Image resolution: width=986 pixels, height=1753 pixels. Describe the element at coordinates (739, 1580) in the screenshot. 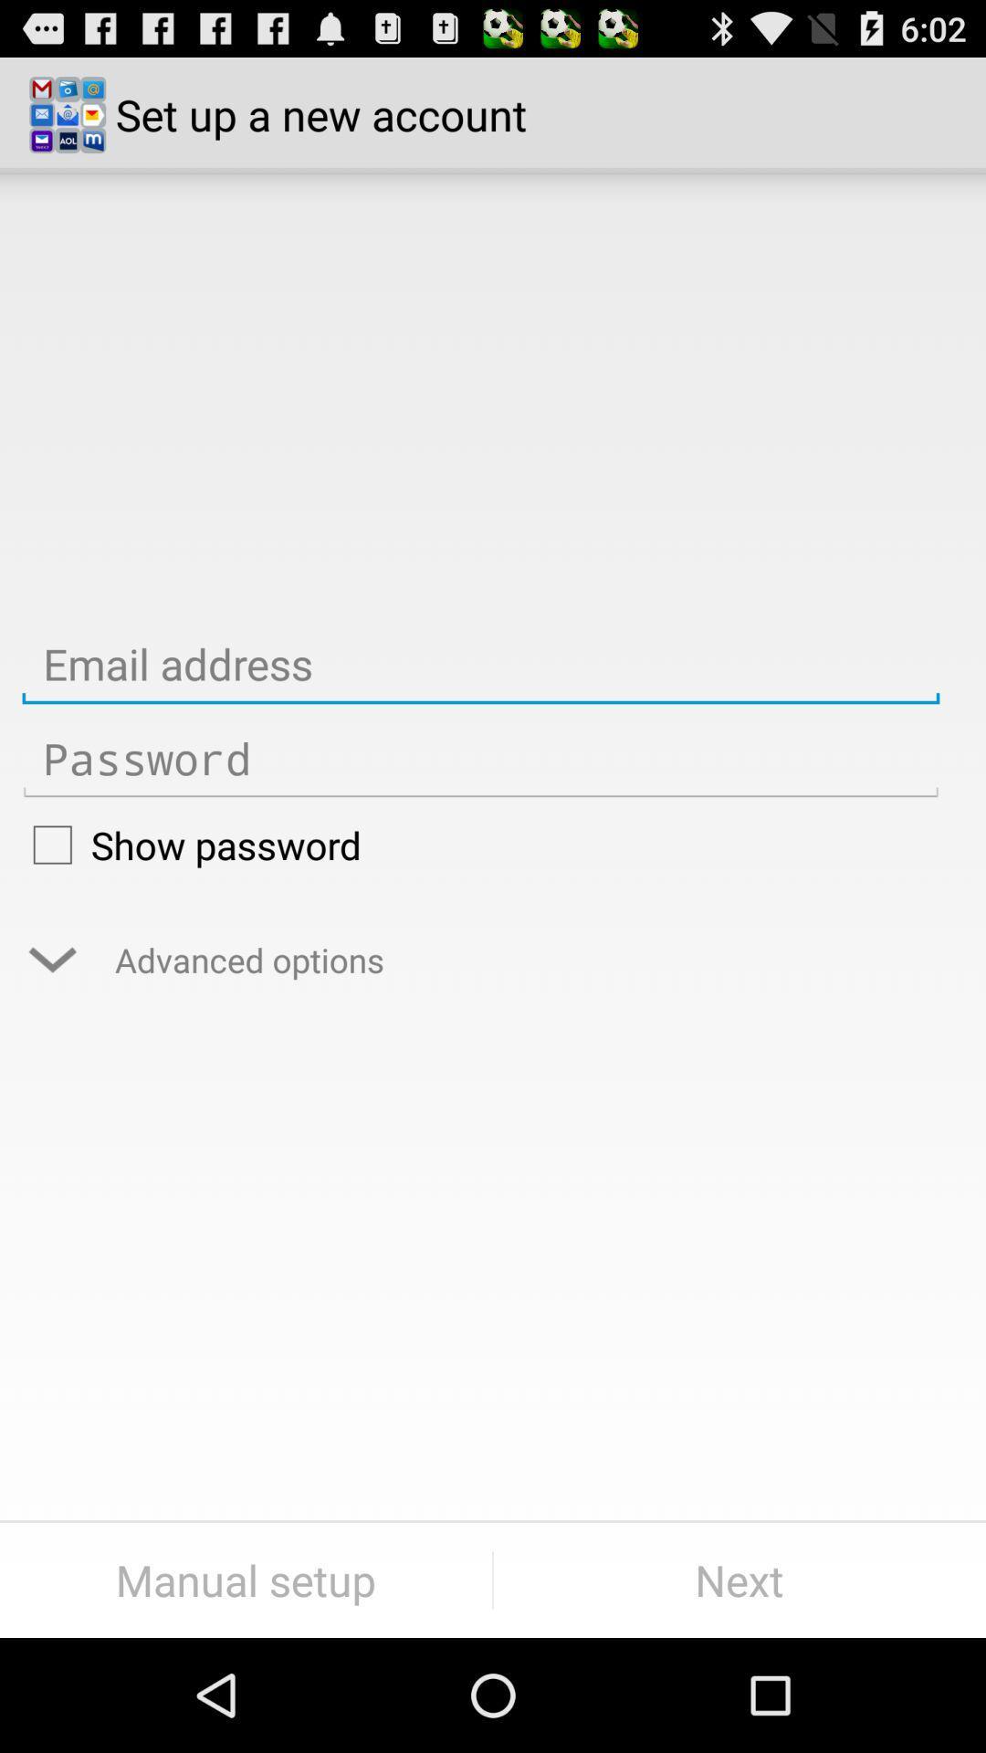

I see `item to the right of the manual setup` at that location.